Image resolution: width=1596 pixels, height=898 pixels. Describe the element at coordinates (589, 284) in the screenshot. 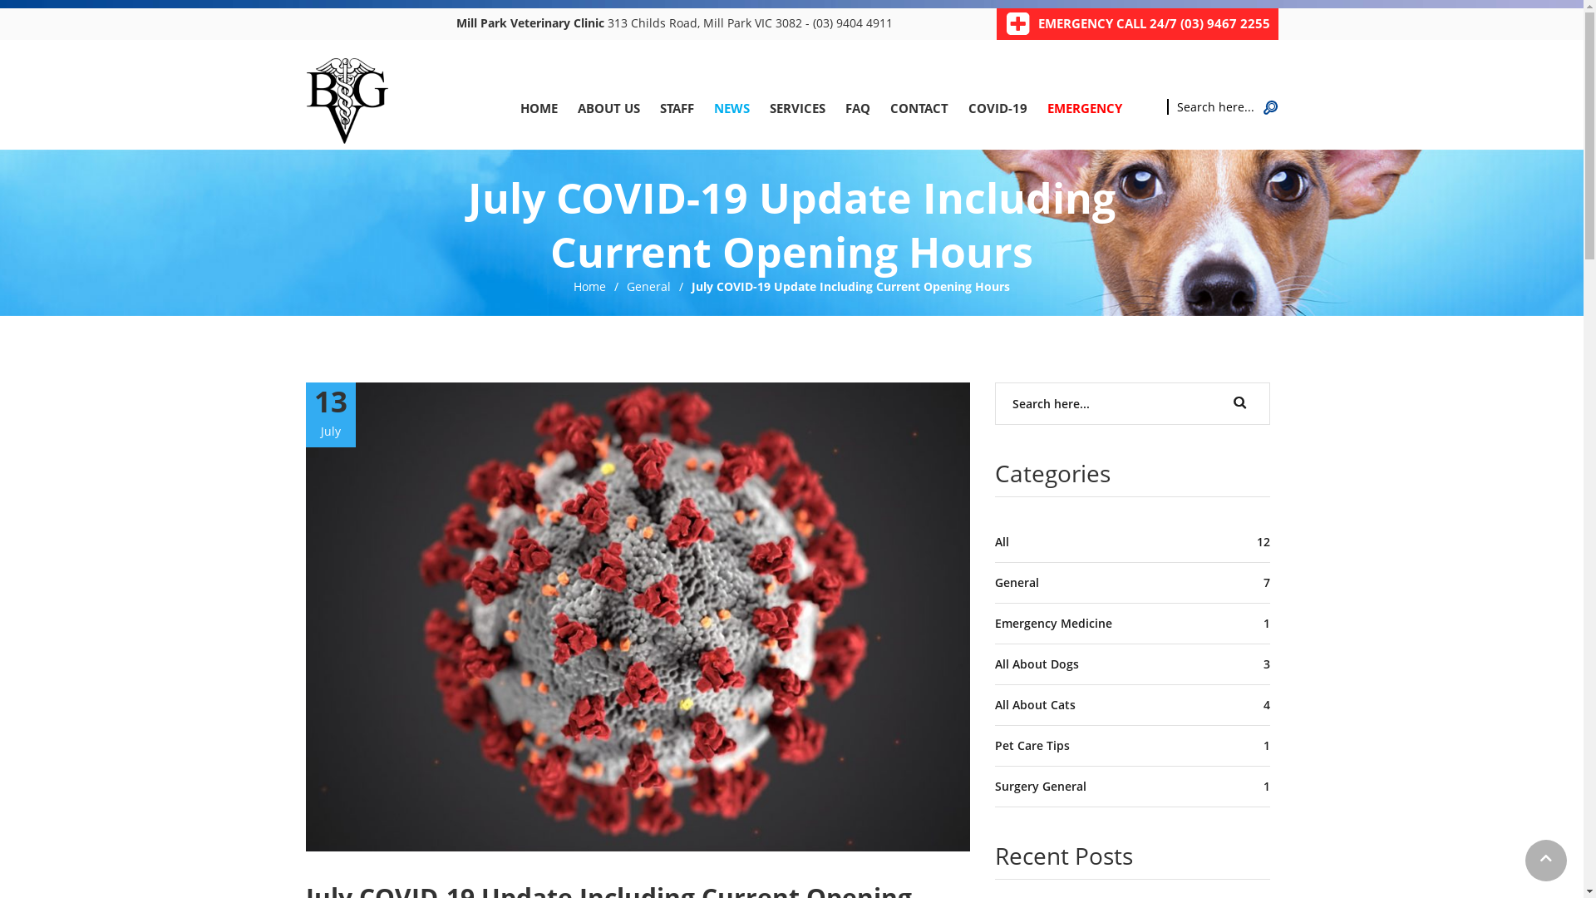

I see `'Home'` at that location.